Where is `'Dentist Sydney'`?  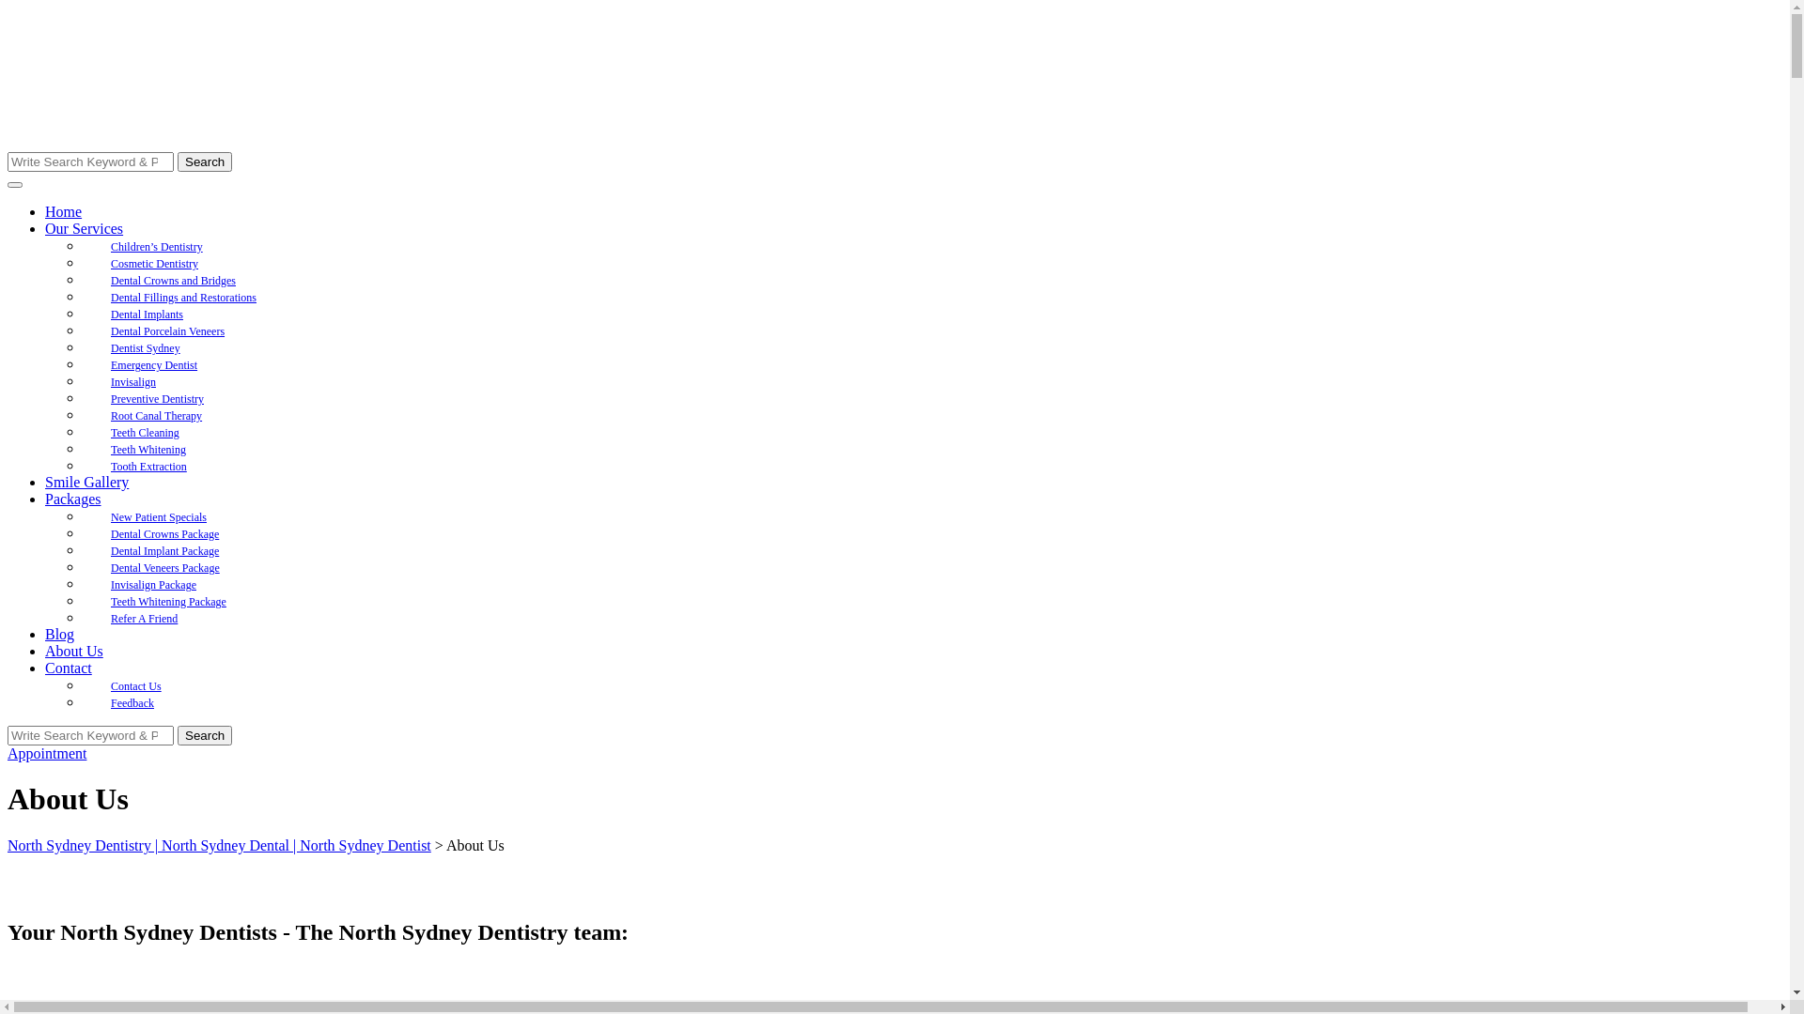 'Dentist Sydney' is located at coordinates (144, 347).